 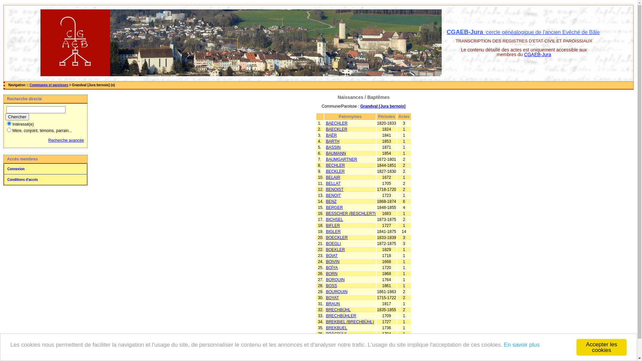 What do you see at coordinates (337, 346) in the screenshot?
I see `'BURKHARD'` at bounding box center [337, 346].